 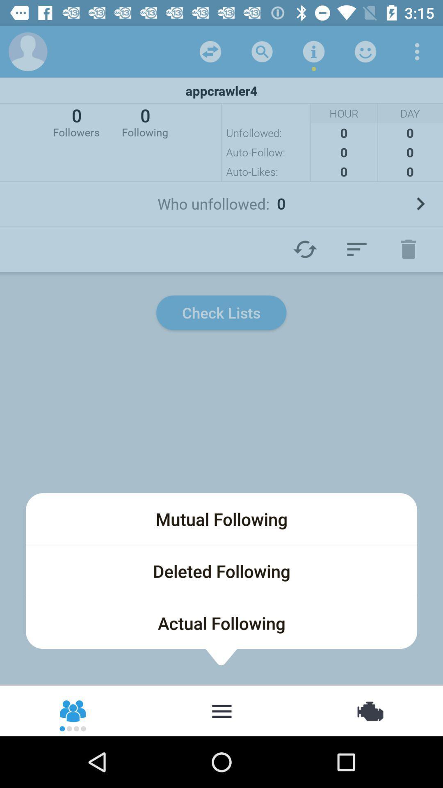 I want to click on the deleted following item, so click(x=221, y=570).